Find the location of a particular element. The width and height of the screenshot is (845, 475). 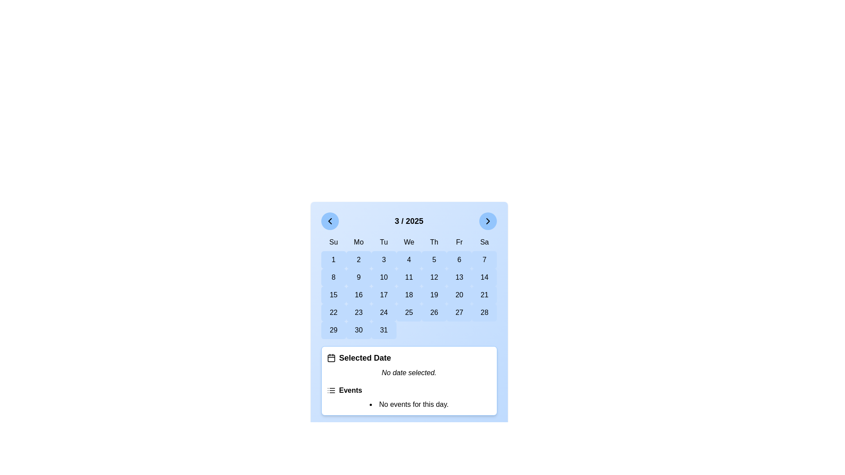

the highlighted 25th day in the Interactive calendar component for March 2025 is located at coordinates (408, 313).